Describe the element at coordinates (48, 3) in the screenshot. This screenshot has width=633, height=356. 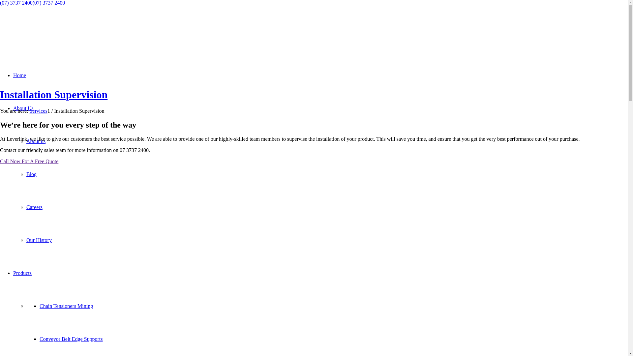
I see `'(07) 3737 2400'` at that location.